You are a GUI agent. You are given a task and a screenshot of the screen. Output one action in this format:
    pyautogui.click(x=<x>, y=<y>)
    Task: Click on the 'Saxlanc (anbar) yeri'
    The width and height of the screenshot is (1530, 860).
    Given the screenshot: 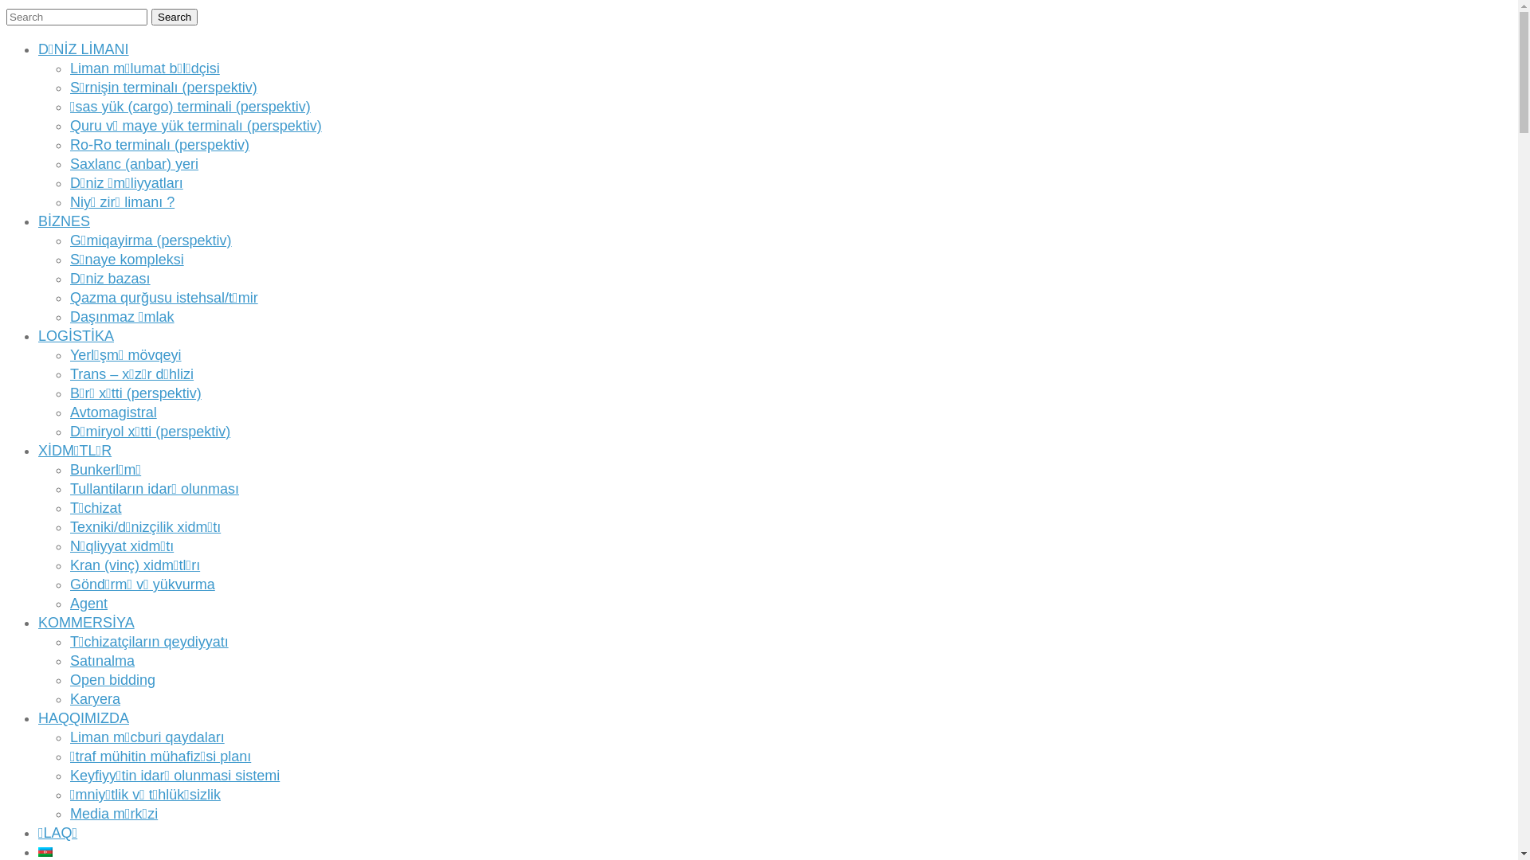 What is the action you would take?
    pyautogui.click(x=134, y=163)
    